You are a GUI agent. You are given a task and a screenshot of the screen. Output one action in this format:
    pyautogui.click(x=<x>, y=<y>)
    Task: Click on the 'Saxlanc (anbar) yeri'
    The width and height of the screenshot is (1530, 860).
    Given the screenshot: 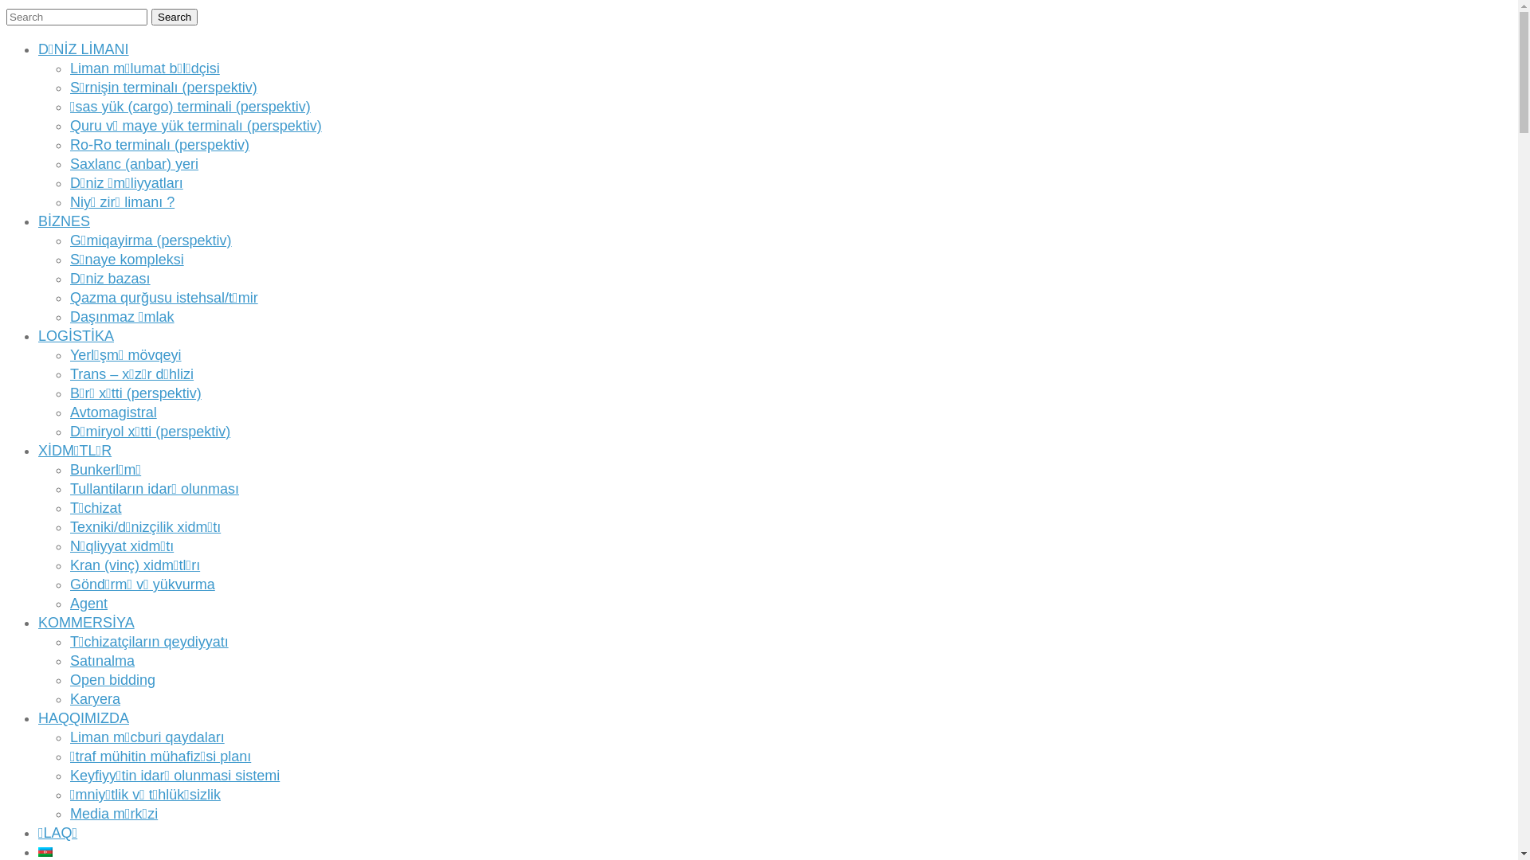 What is the action you would take?
    pyautogui.click(x=134, y=163)
    